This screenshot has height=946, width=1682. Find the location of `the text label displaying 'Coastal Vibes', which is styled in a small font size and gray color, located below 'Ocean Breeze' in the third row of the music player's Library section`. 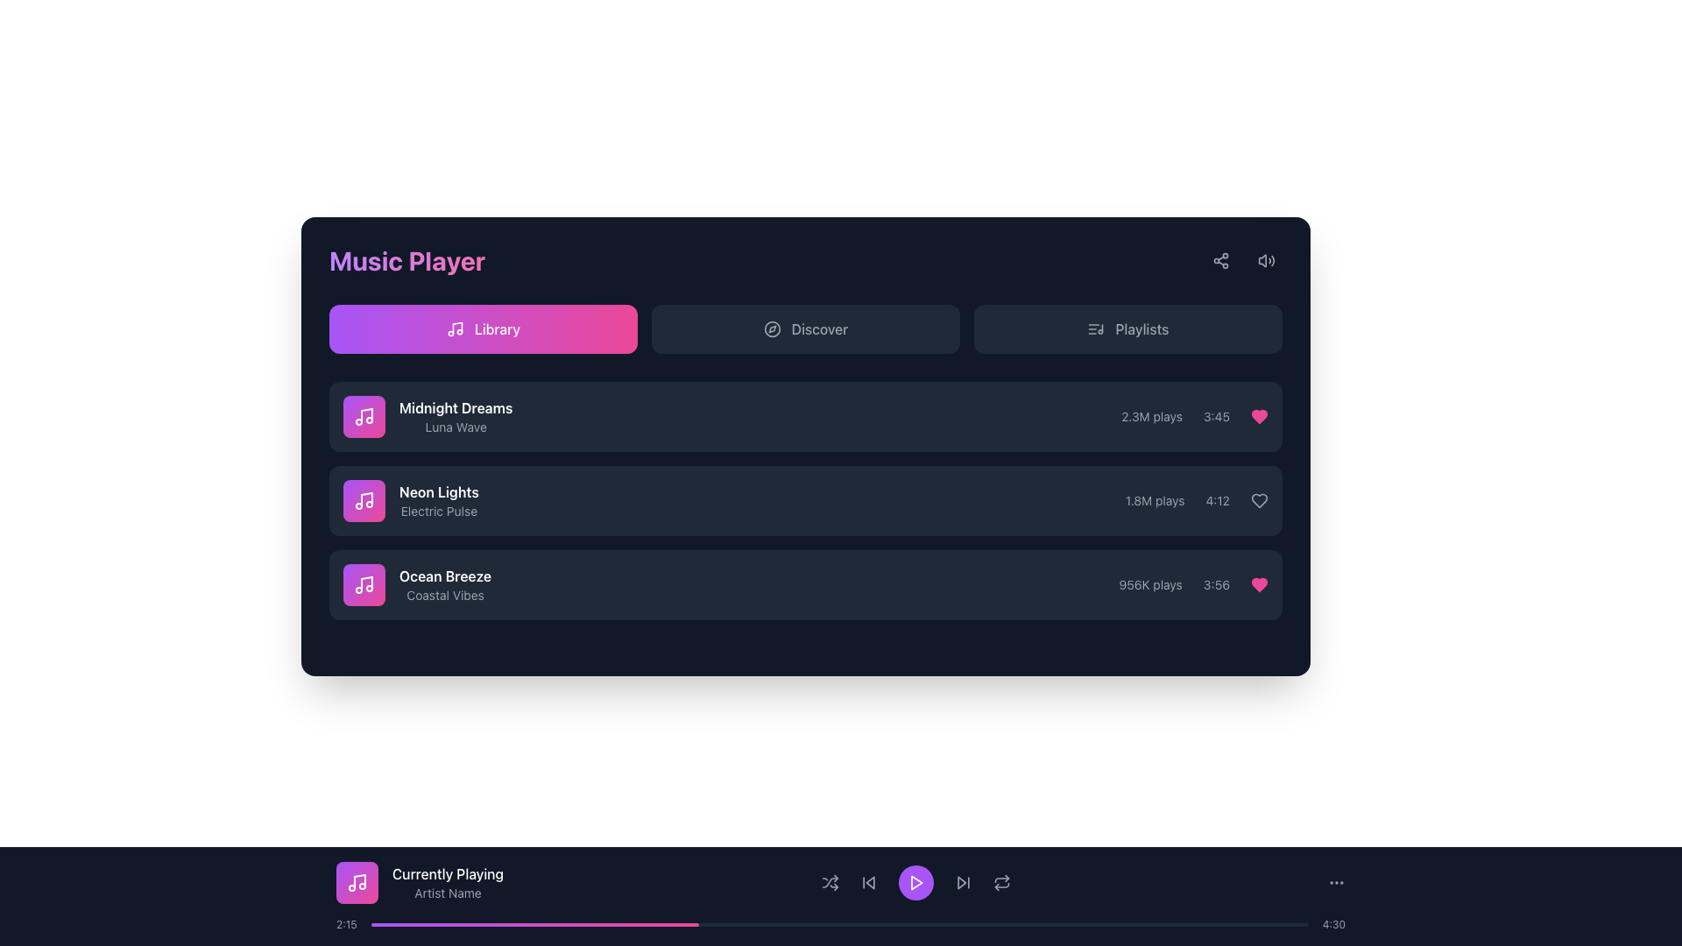

the text label displaying 'Coastal Vibes', which is styled in a small font size and gray color, located below 'Ocean Breeze' in the third row of the music player's Library section is located at coordinates (445, 594).